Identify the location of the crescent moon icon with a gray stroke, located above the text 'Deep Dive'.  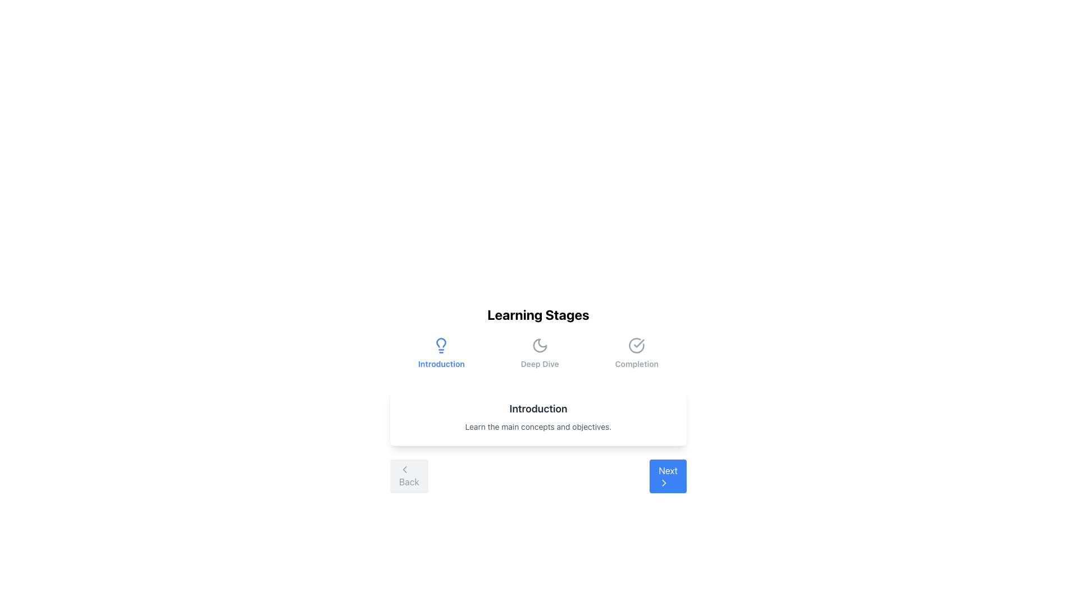
(540, 345).